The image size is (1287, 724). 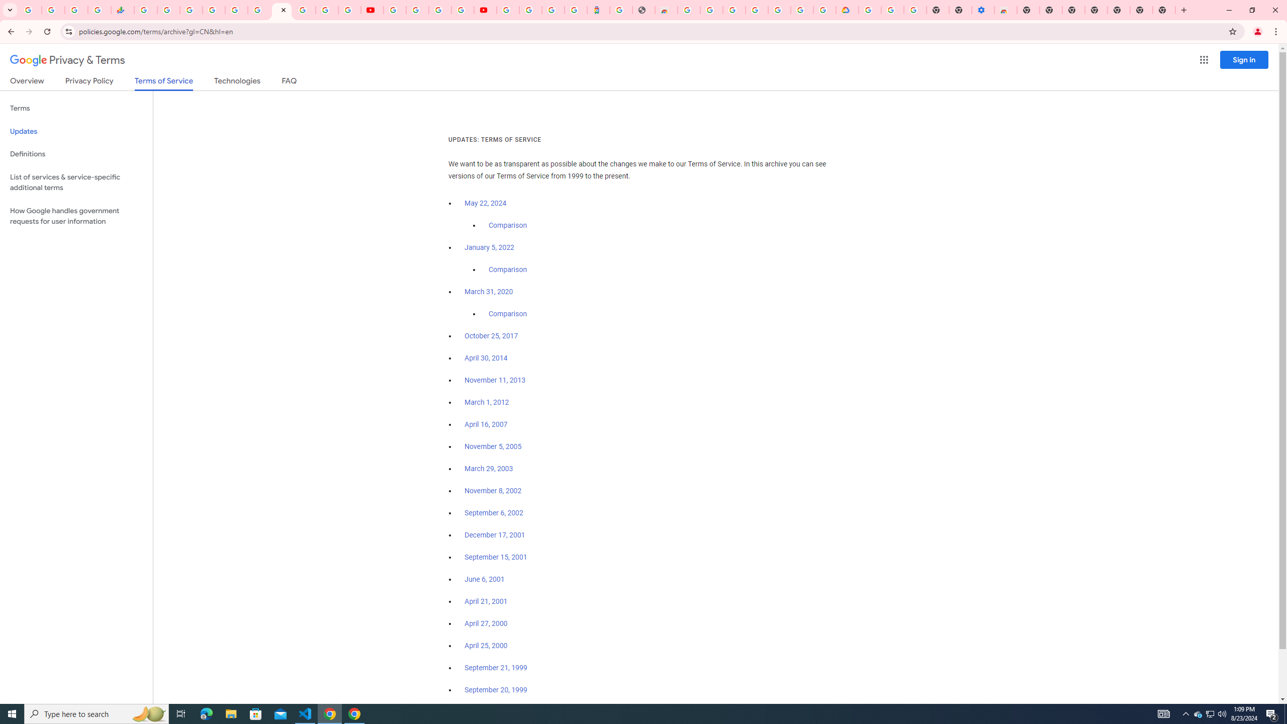 I want to click on 'Atour Hotel - Google hotels', so click(x=598, y=10).